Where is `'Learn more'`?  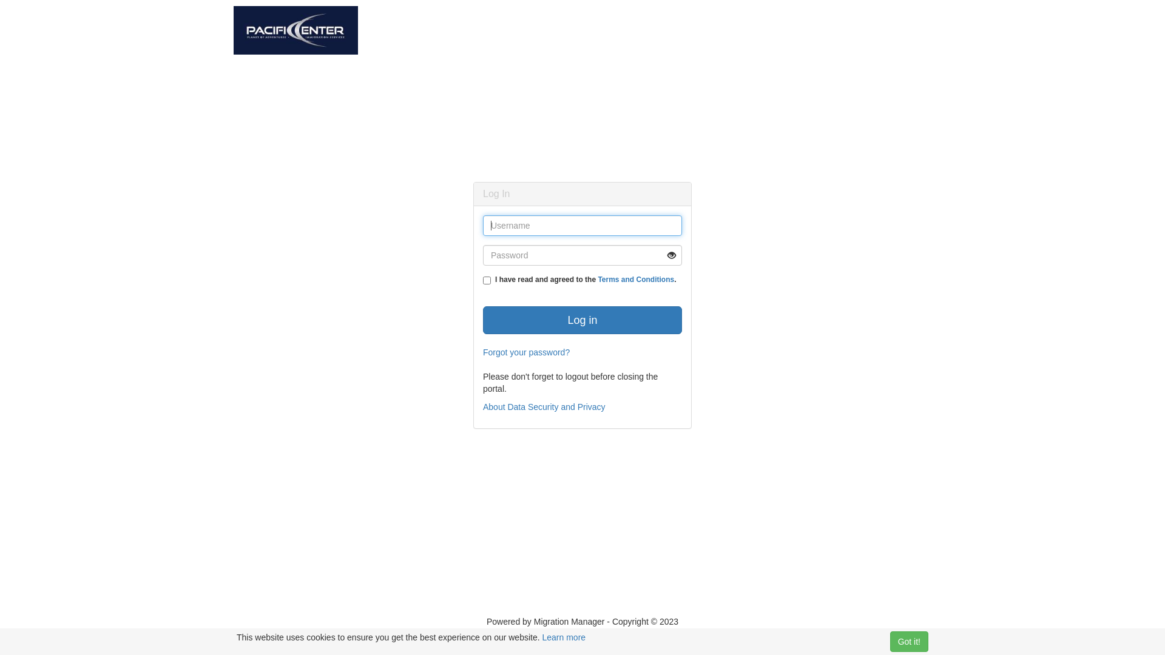
'Learn more' is located at coordinates (541, 636).